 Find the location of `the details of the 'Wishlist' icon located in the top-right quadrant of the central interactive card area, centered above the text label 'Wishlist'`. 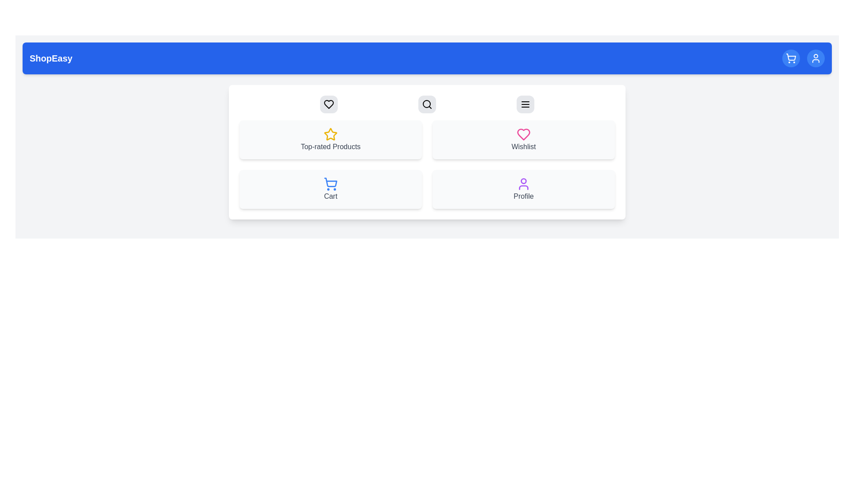

the details of the 'Wishlist' icon located in the top-right quadrant of the central interactive card area, centered above the text label 'Wishlist' is located at coordinates (523, 135).